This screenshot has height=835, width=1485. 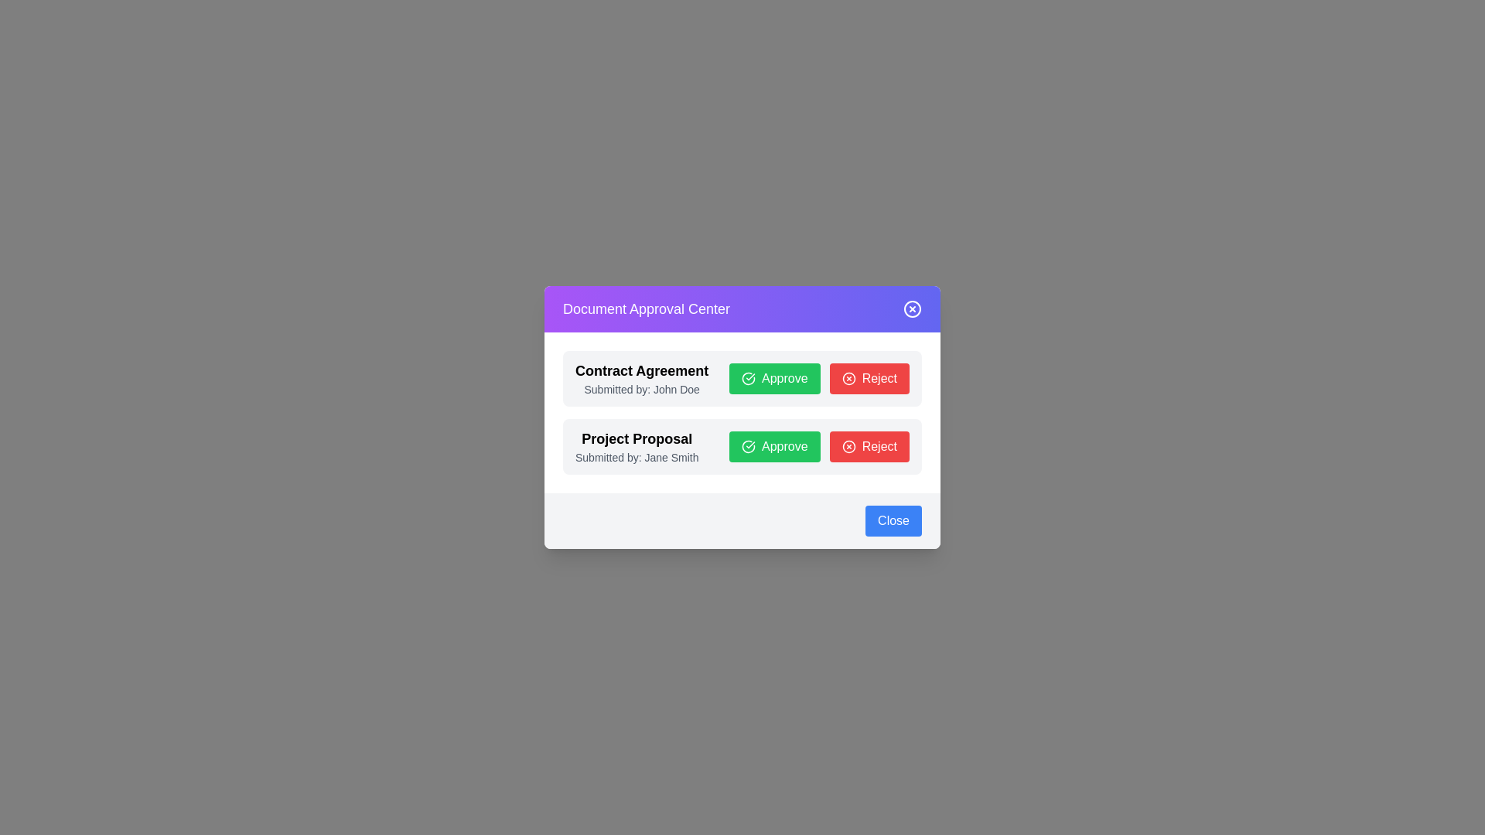 What do you see at coordinates (749, 447) in the screenshot?
I see `the green check icon located to the left of the 'Approve' button in the second row of the approval dialog for the entry 'Project Proposal submitted by Jane Smith'` at bounding box center [749, 447].